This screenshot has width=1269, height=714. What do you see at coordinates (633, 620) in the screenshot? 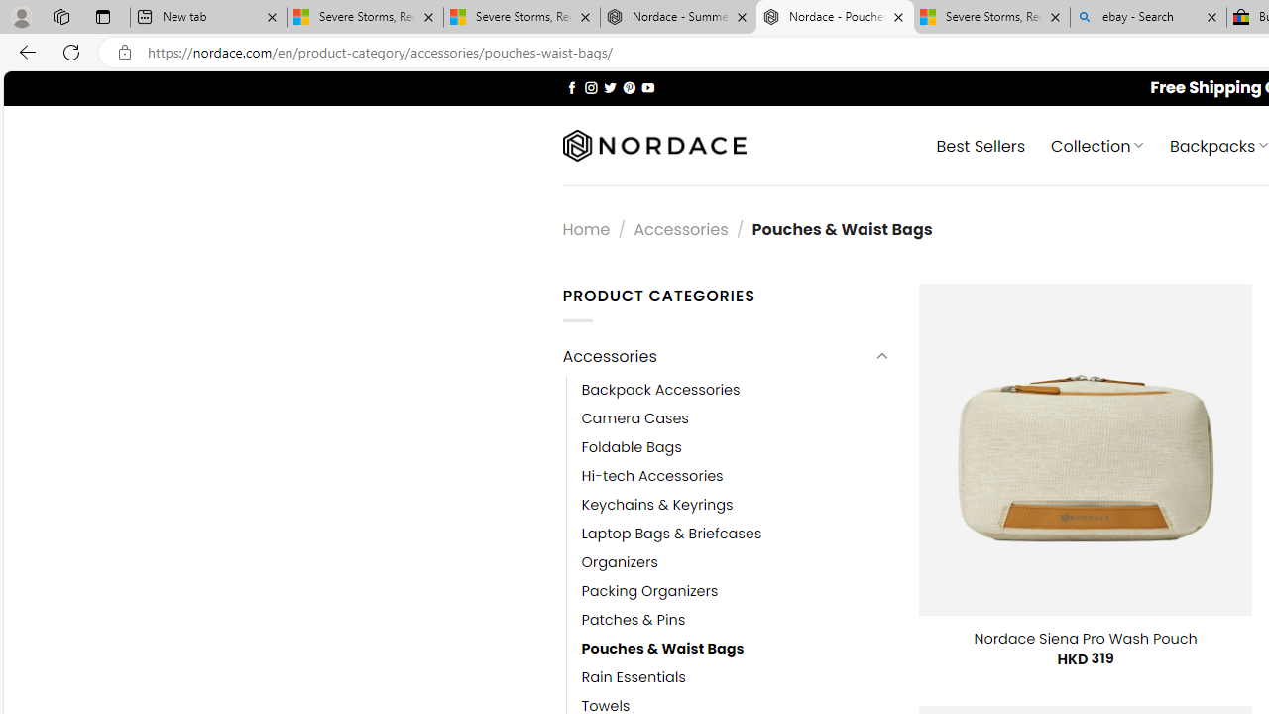
I see `'Patches & Pins'` at bounding box center [633, 620].